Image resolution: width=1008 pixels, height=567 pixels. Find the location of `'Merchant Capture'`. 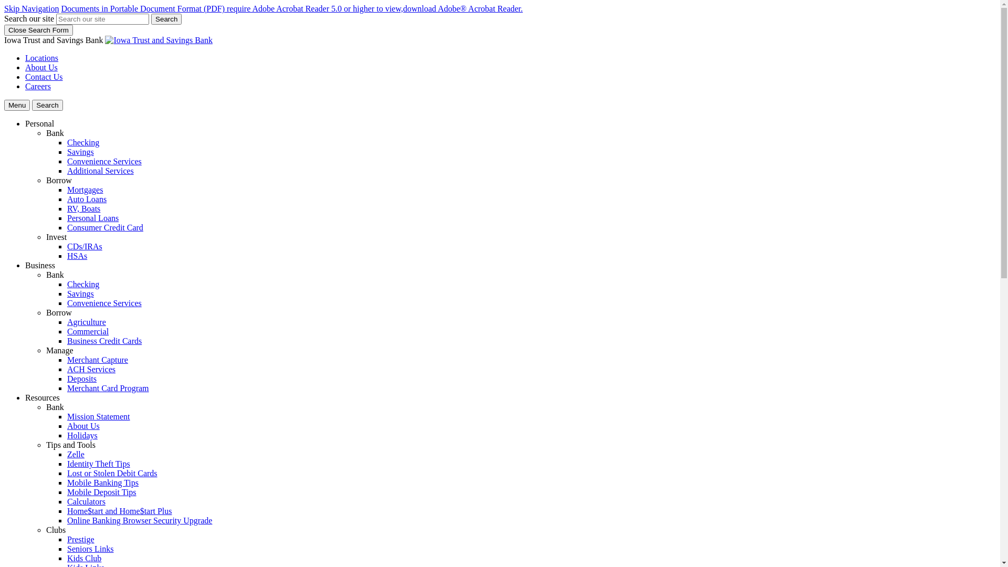

'Merchant Capture' is located at coordinates (98, 359).